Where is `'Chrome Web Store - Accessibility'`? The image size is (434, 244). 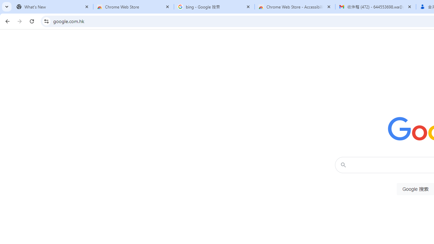
'Chrome Web Store - Accessibility' is located at coordinates (295, 7).